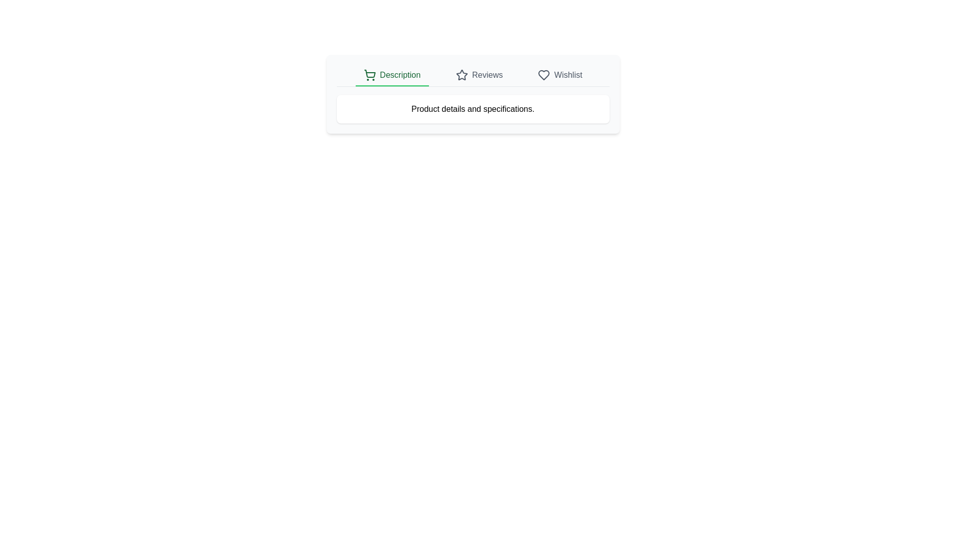 The image size is (977, 549). What do you see at coordinates (478, 75) in the screenshot?
I see `the tab corresponding to Reviews to view its content` at bounding box center [478, 75].